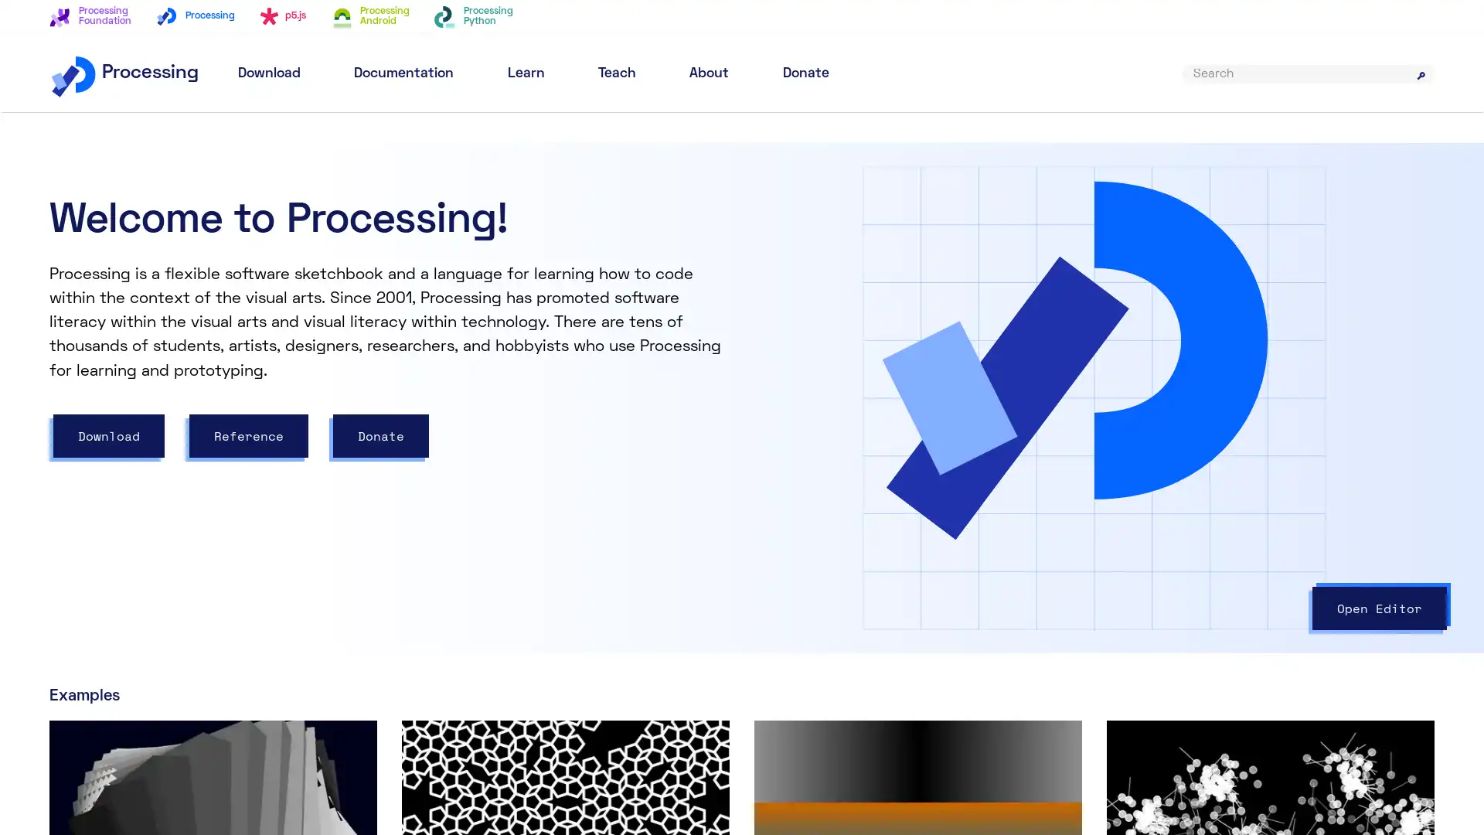  Describe the element at coordinates (801, 530) in the screenshot. I see `line` at that location.